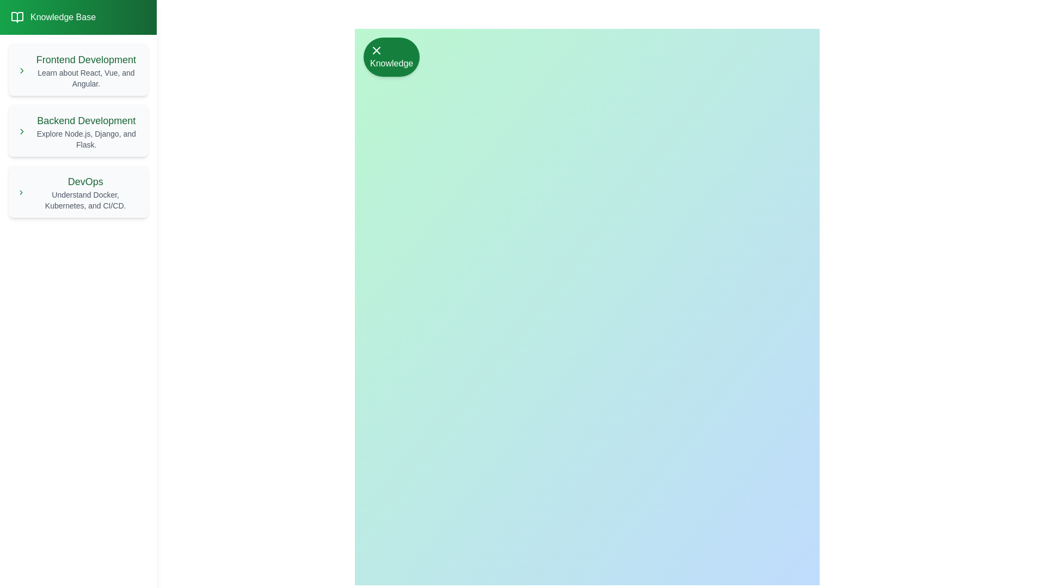 The height and width of the screenshot is (588, 1045). What do you see at coordinates (78, 130) in the screenshot?
I see `the list item corresponding to Backend Development` at bounding box center [78, 130].